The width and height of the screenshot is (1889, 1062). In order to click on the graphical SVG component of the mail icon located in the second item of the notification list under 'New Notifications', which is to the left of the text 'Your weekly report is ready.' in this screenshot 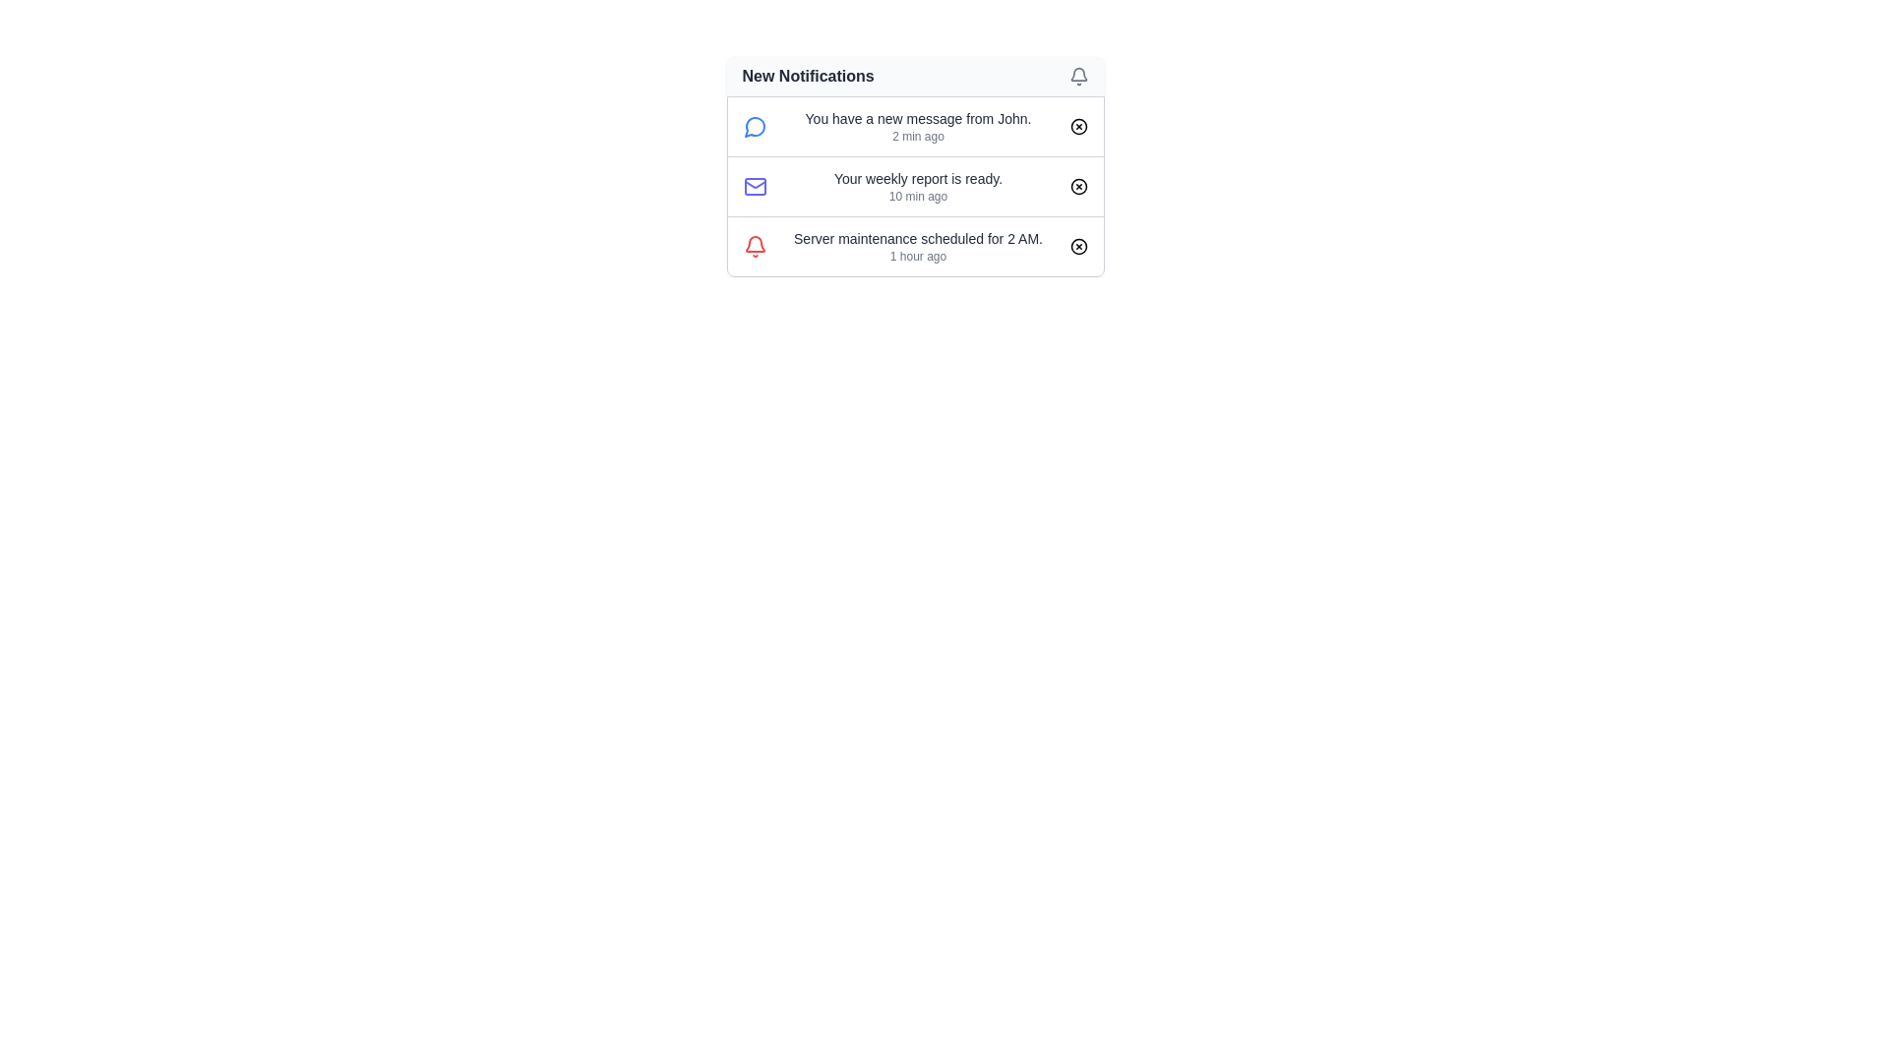, I will do `click(754, 186)`.